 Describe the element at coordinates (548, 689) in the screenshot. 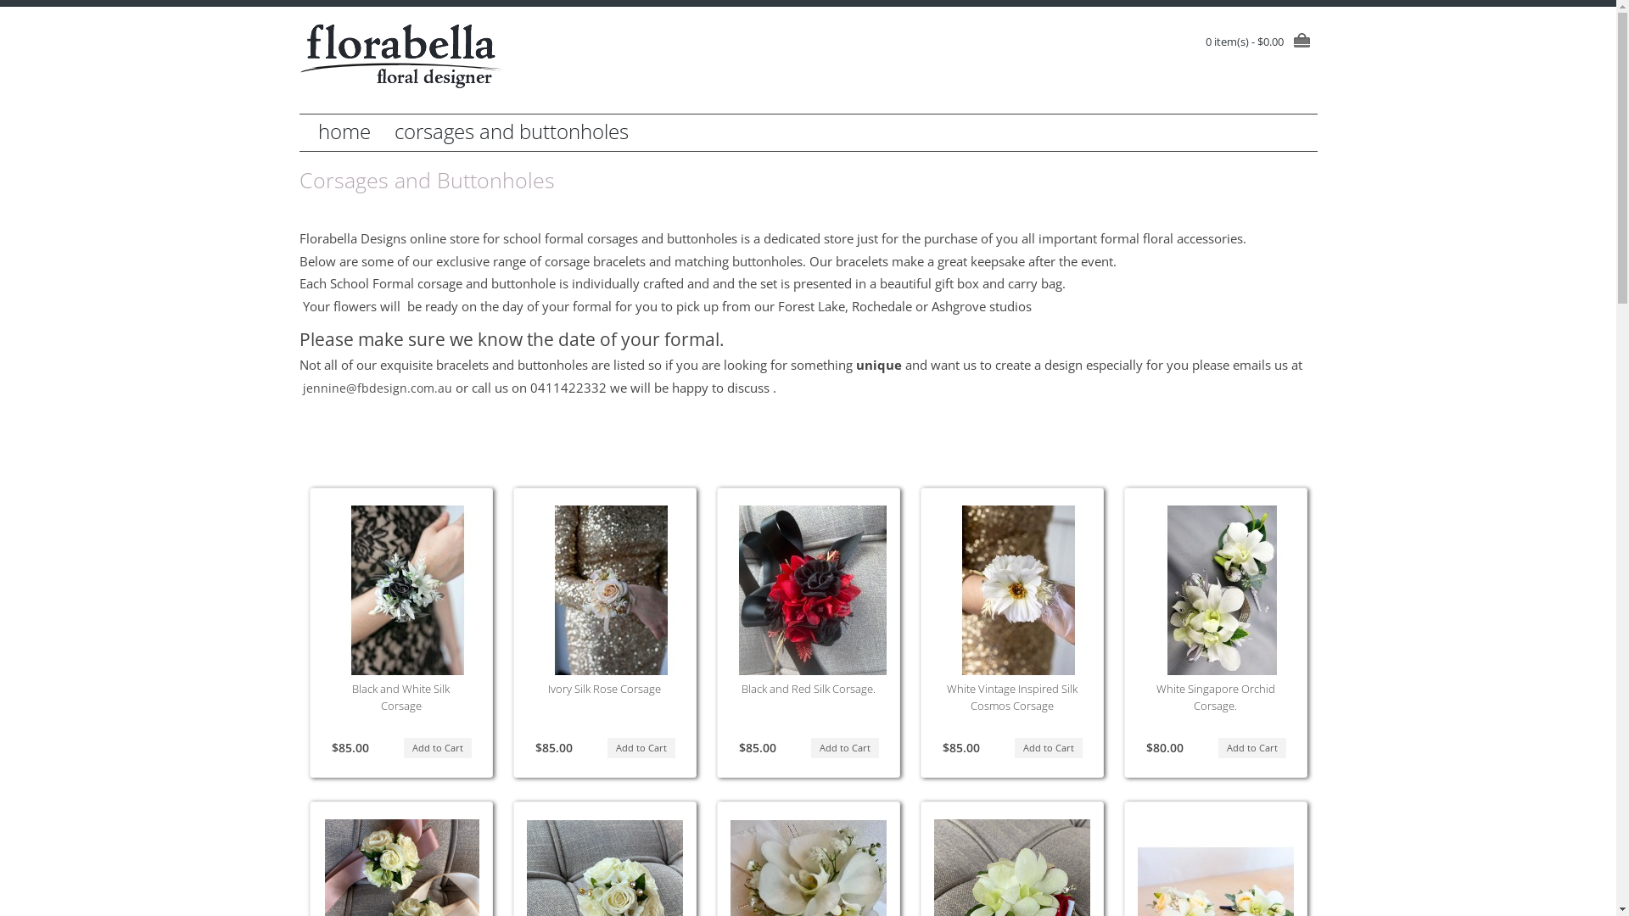

I see `'Ivory Silk Rose Corsage'` at that location.